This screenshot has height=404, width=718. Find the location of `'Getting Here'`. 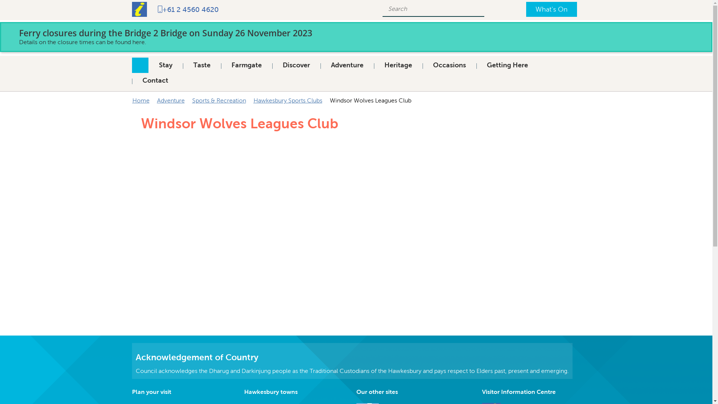

'Getting Here' is located at coordinates (507, 65).